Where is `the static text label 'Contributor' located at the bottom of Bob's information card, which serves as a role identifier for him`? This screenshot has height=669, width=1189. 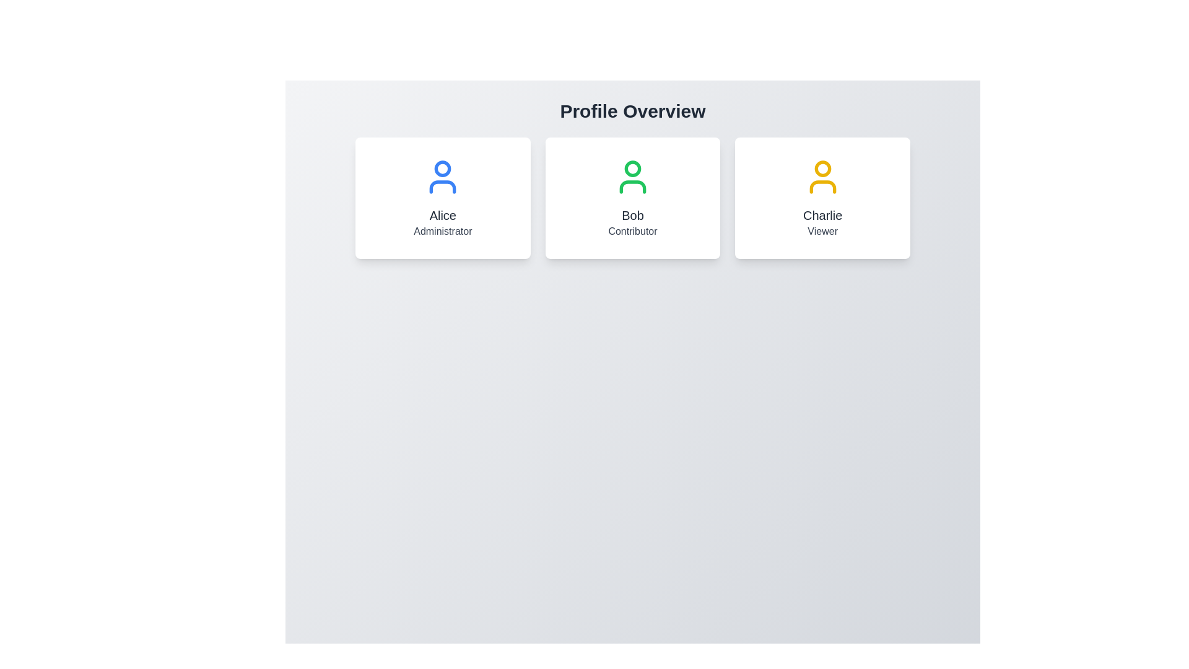 the static text label 'Contributor' located at the bottom of Bob's information card, which serves as a role identifier for him is located at coordinates (633, 232).